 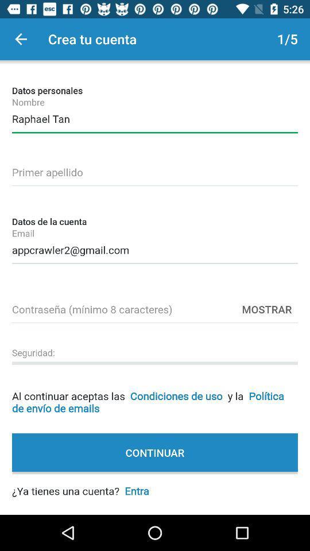 I want to click on al continuar aceptas, so click(x=155, y=393).